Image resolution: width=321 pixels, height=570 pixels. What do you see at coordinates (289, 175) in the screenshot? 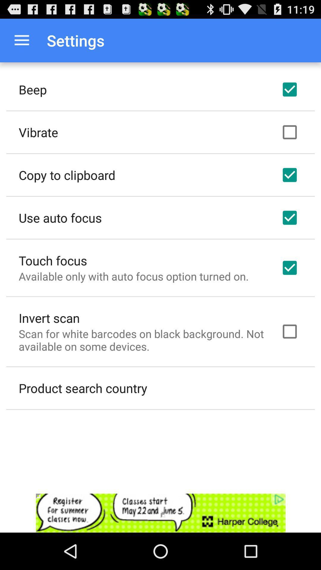
I see `the check box symbol which is next to copy to clipboard` at bounding box center [289, 175].